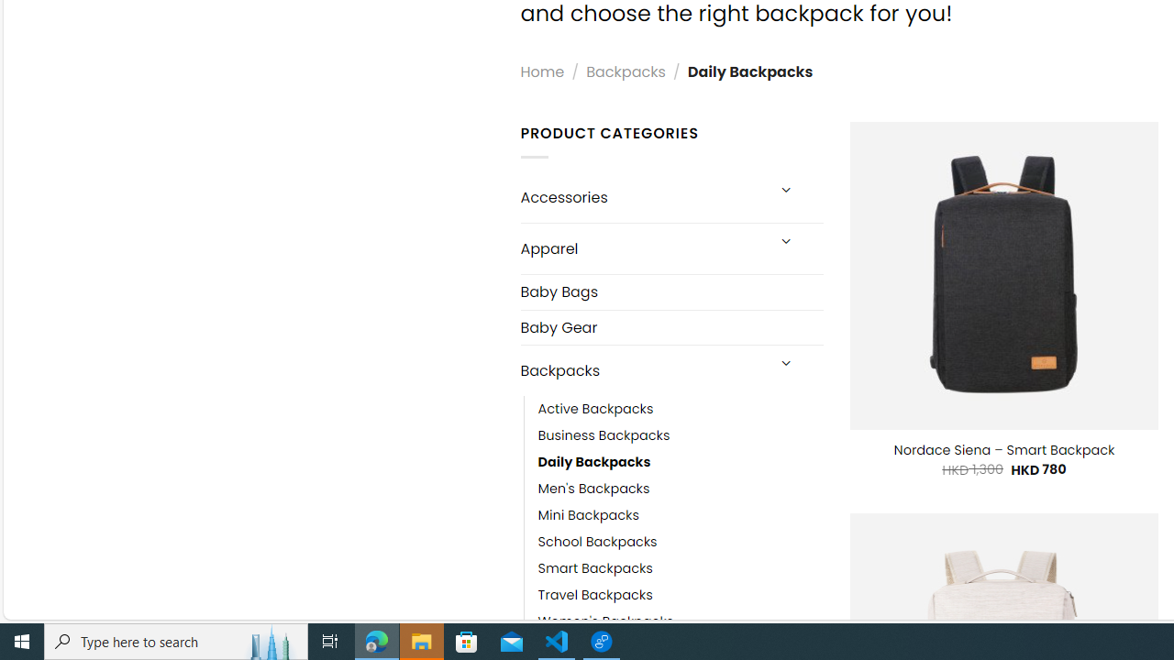 The height and width of the screenshot is (660, 1174). I want to click on 'Active Backpacks', so click(680, 409).